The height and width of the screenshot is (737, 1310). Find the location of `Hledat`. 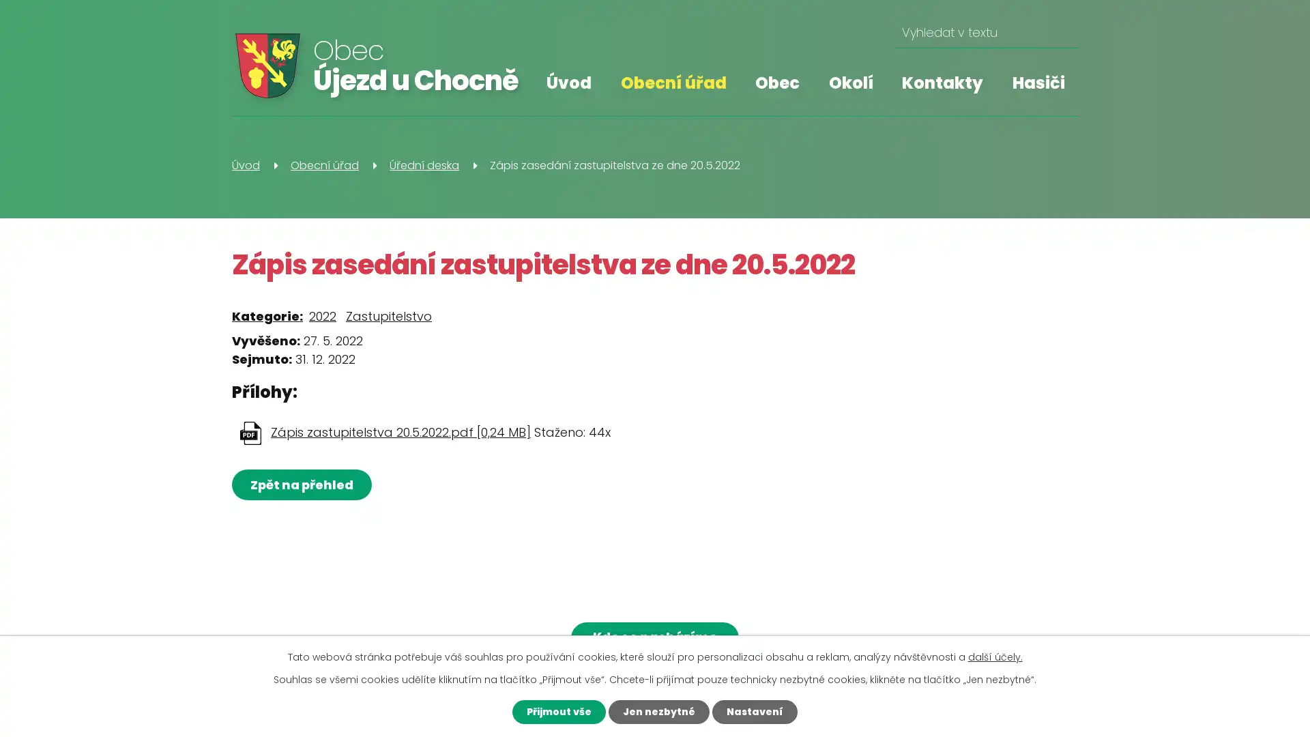

Hledat is located at coordinates (1062, 32).